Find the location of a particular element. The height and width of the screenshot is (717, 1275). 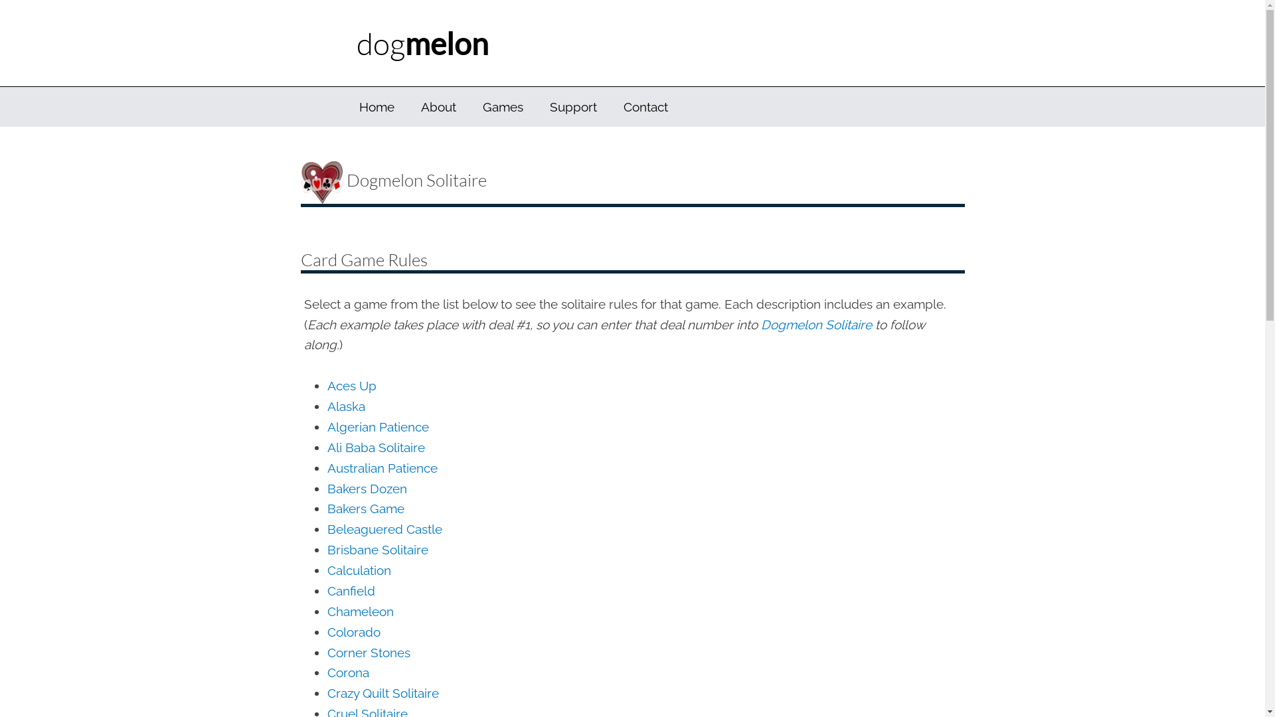

'Bakers Dozen' is located at coordinates (326, 489).